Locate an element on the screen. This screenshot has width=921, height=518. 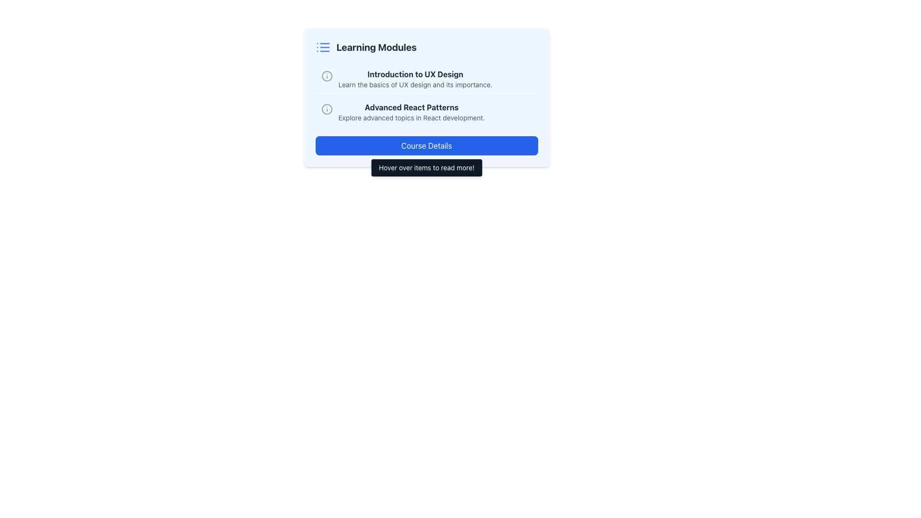
the tooltip notification with dark gray background and white text that says 'Hover over items to read more!', located below the 'Course Details' button in the 'Learning Modules' section is located at coordinates (426, 167).